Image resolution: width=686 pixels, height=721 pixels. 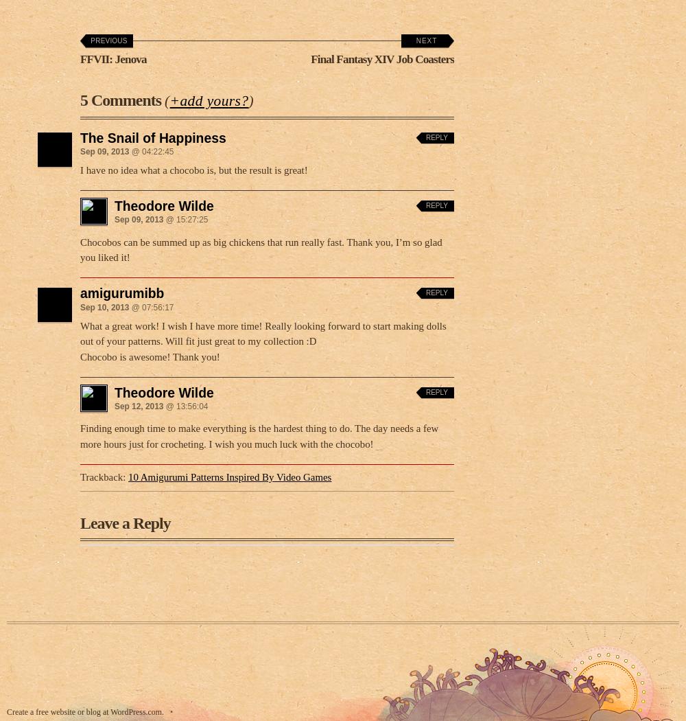 I want to click on 'Leave a Reply', so click(x=80, y=519).